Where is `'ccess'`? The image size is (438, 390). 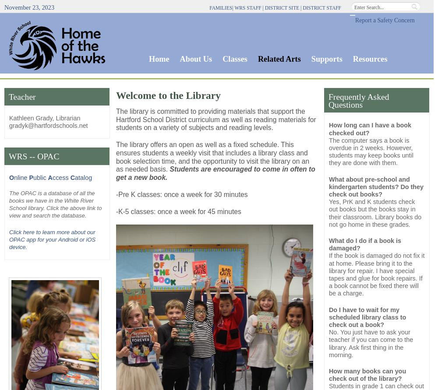
'ccess' is located at coordinates (61, 178).